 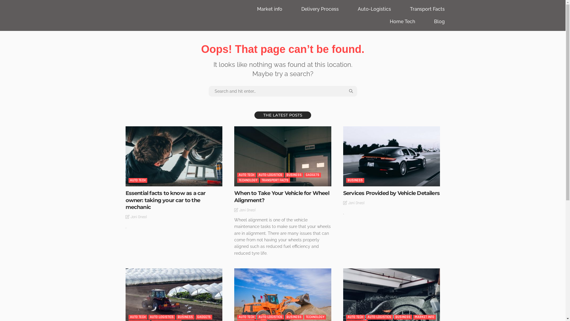 I want to click on 'Delivery Process', so click(x=319, y=9).